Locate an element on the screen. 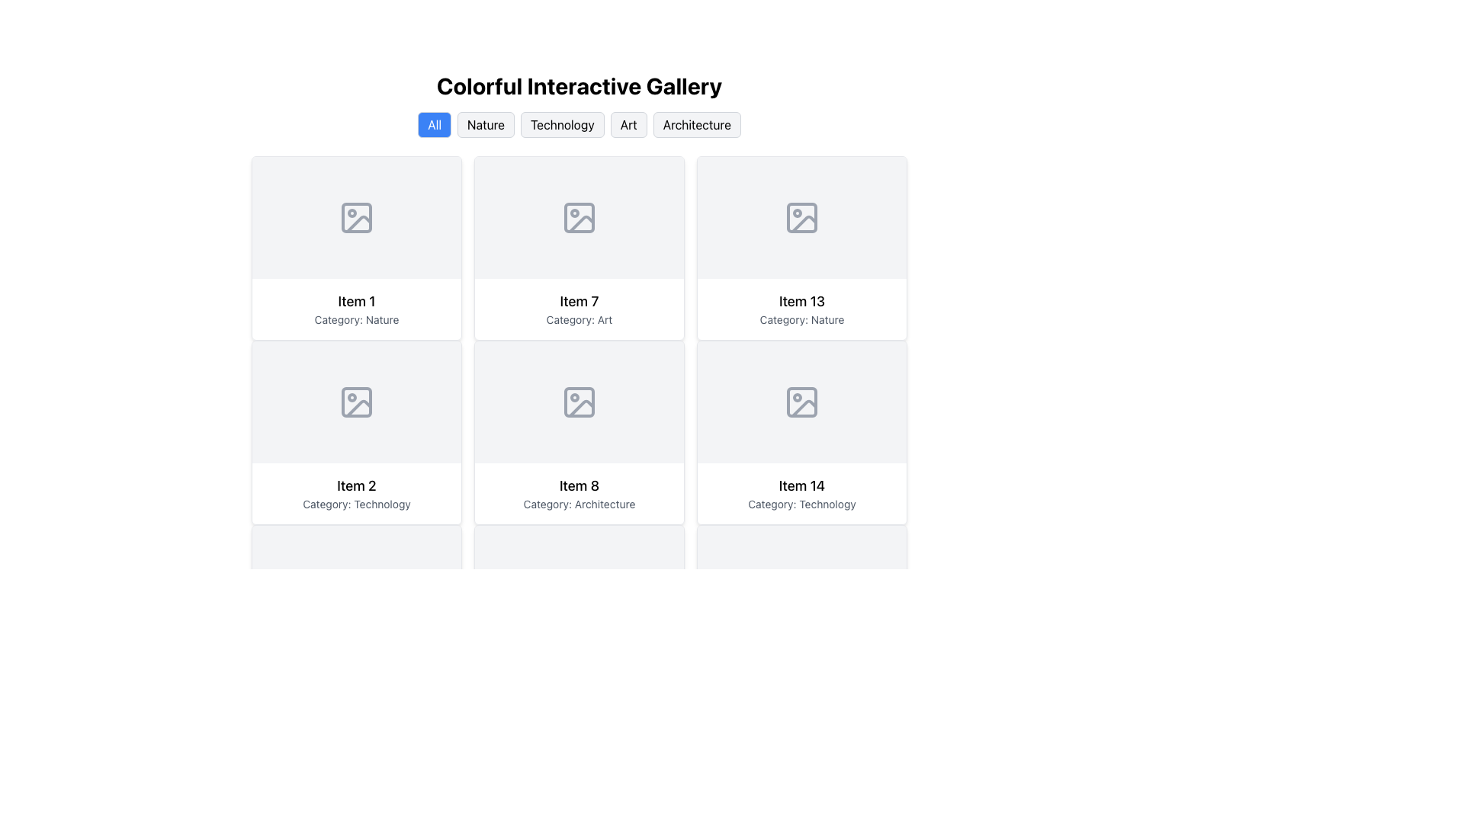 The width and height of the screenshot is (1464, 823). the 'Art' button, which is styled with a light gray background and black text, to filter content by 'Art'. This button is the fourth in a horizontal group of similar buttons located below the title 'Colorful Interactive Gallery' is located at coordinates (628, 124).